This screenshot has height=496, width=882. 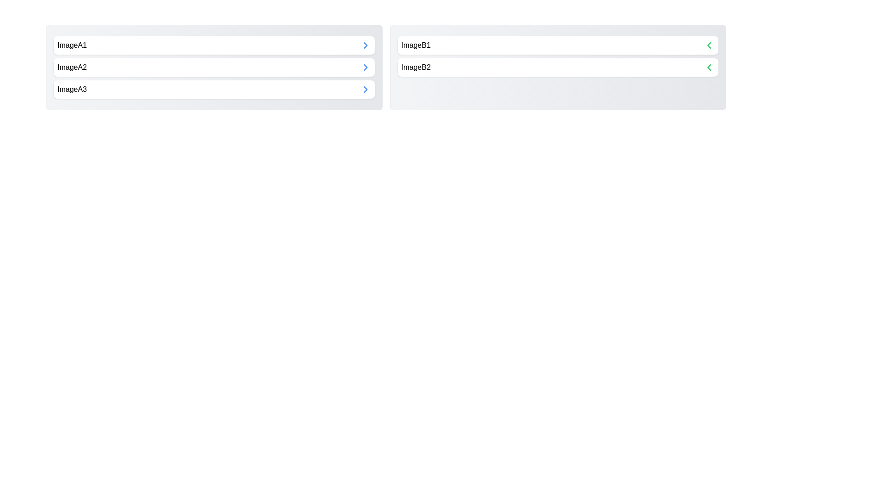 I want to click on arrow button next to ImageB1 to move it to the opposite category, so click(x=709, y=45).